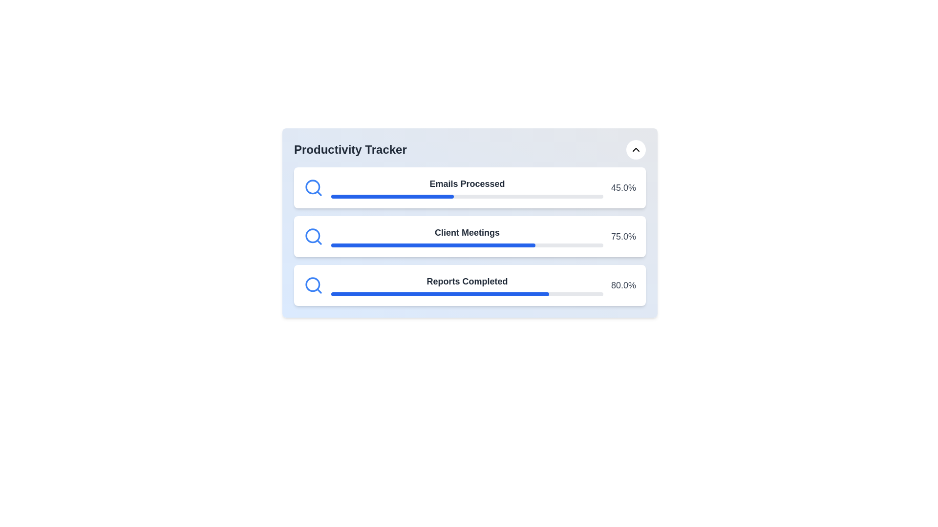 The height and width of the screenshot is (527, 938). I want to click on the Labeled Progress Bar that displays 'Emails Processed' and is styled with a blue-filled portion on a light gray background, located within the first card of a vertically stacked group of similar cards, so click(467, 188).